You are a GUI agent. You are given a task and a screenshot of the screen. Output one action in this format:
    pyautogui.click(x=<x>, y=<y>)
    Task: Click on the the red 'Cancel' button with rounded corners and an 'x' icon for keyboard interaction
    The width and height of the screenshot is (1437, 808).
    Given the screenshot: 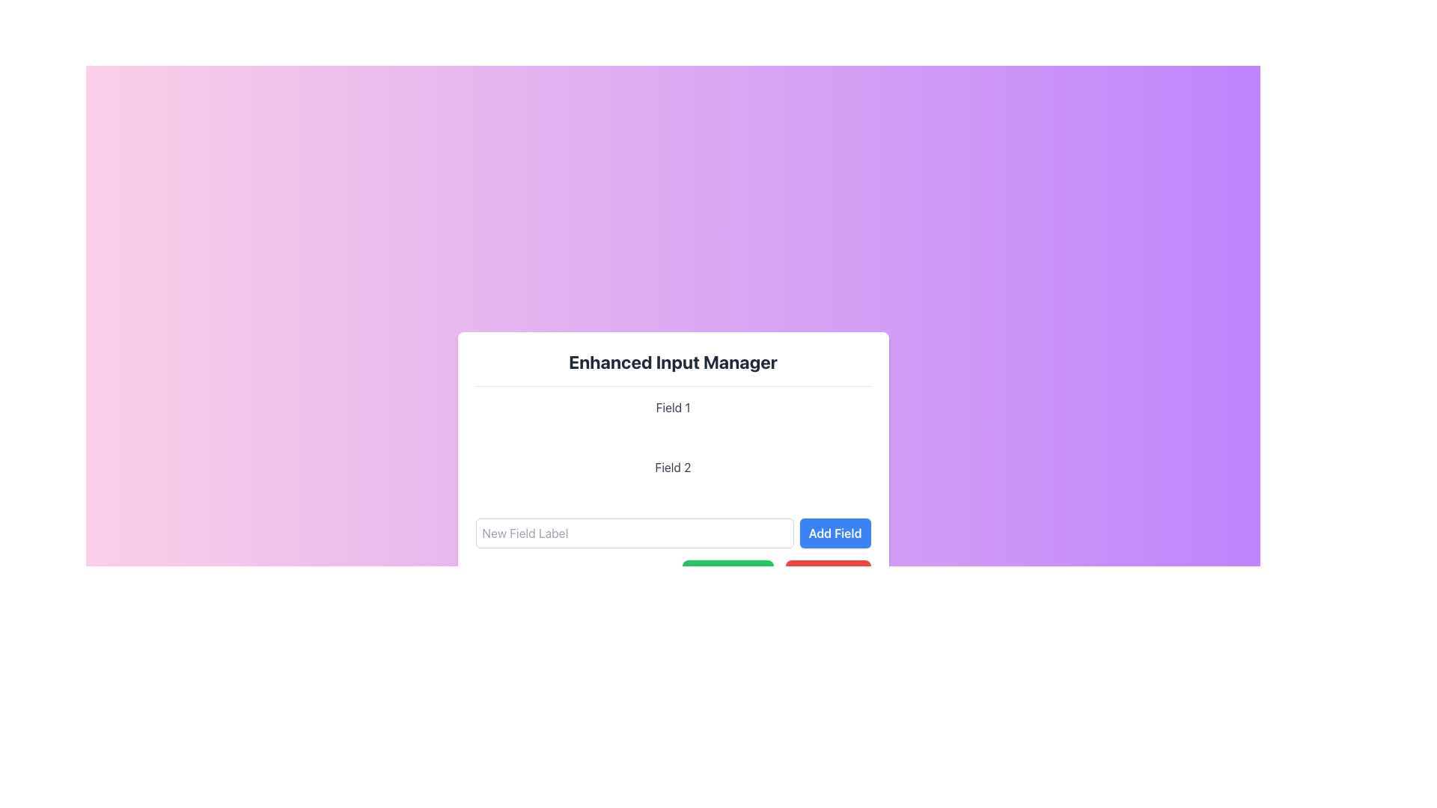 What is the action you would take?
    pyautogui.click(x=827, y=574)
    